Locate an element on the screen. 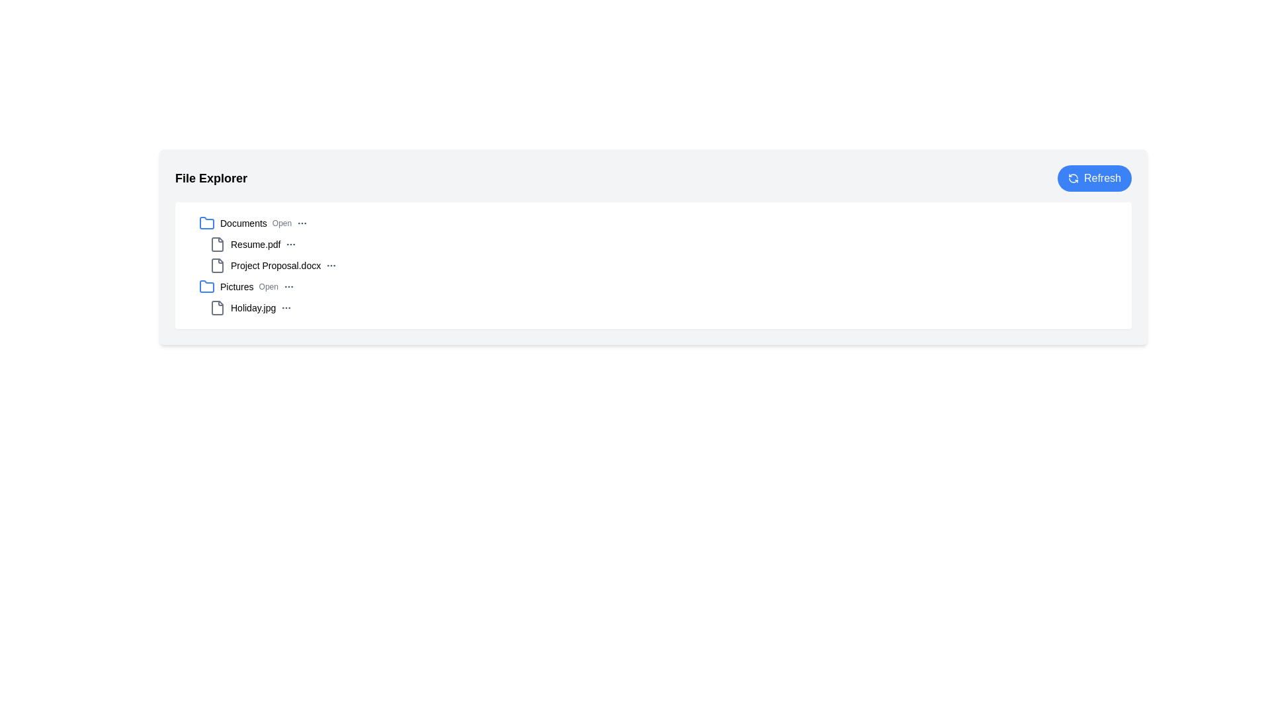 This screenshot has height=714, width=1270. the ellipsis menu icon associated with the 'Project Proposal.docx' file is located at coordinates (331, 265).